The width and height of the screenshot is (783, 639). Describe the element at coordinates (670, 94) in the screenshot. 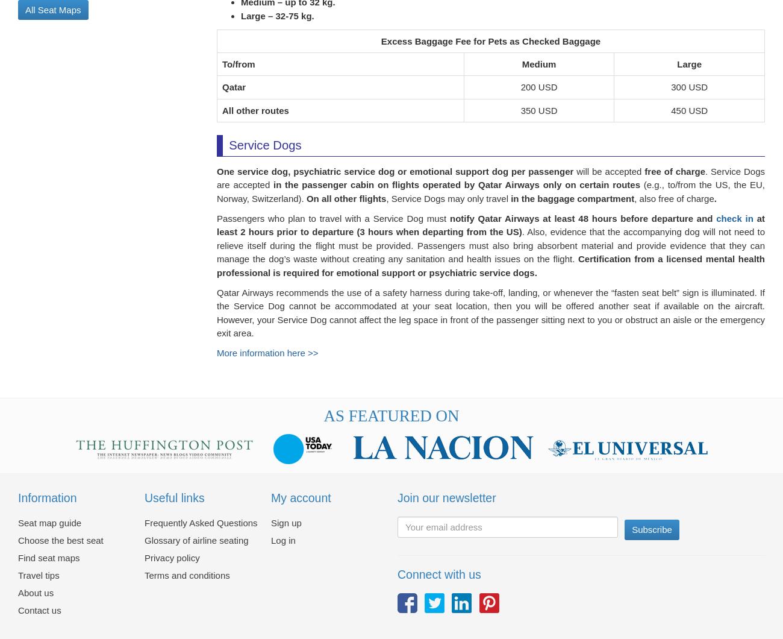

I see `'300 USD'` at that location.